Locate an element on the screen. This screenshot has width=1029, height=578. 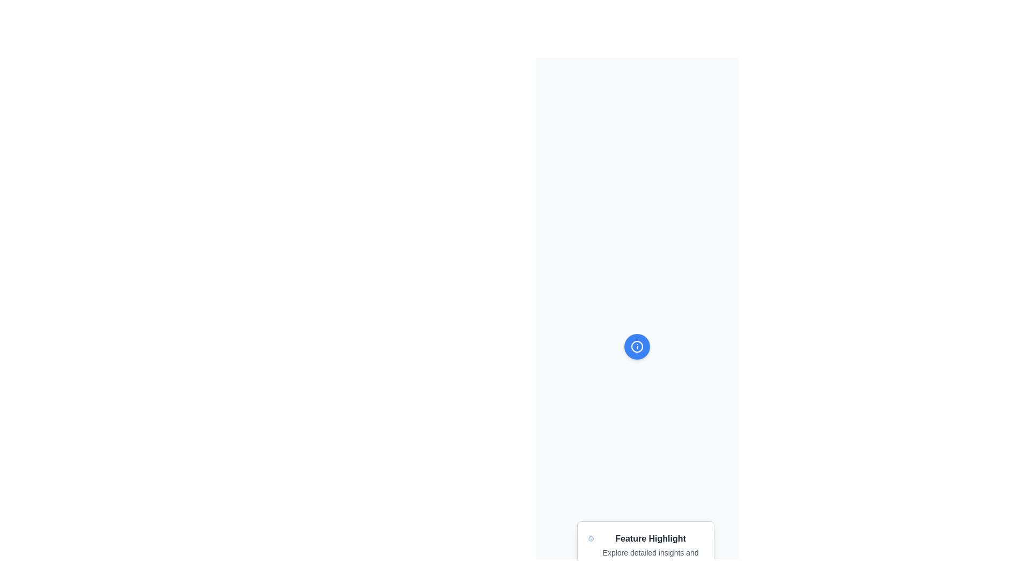
the circular vector graphic element that is part of the information icon with a white 'i' in the center, located above the 'Feature Highlight' card is located at coordinates (591, 538).